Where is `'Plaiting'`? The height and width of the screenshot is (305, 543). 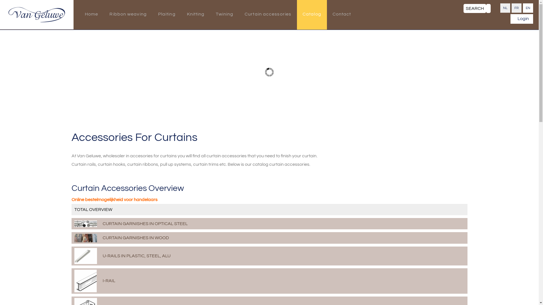
'Plaiting' is located at coordinates (167, 14).